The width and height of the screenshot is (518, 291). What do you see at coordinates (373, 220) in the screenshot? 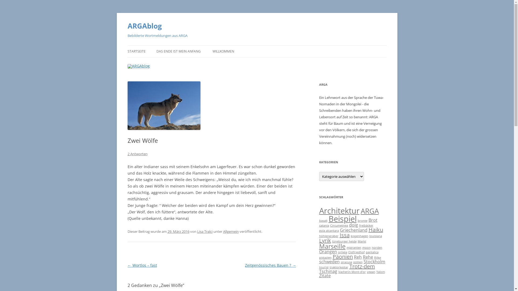
I see `'Brot'` at bounding box center [373, 220].